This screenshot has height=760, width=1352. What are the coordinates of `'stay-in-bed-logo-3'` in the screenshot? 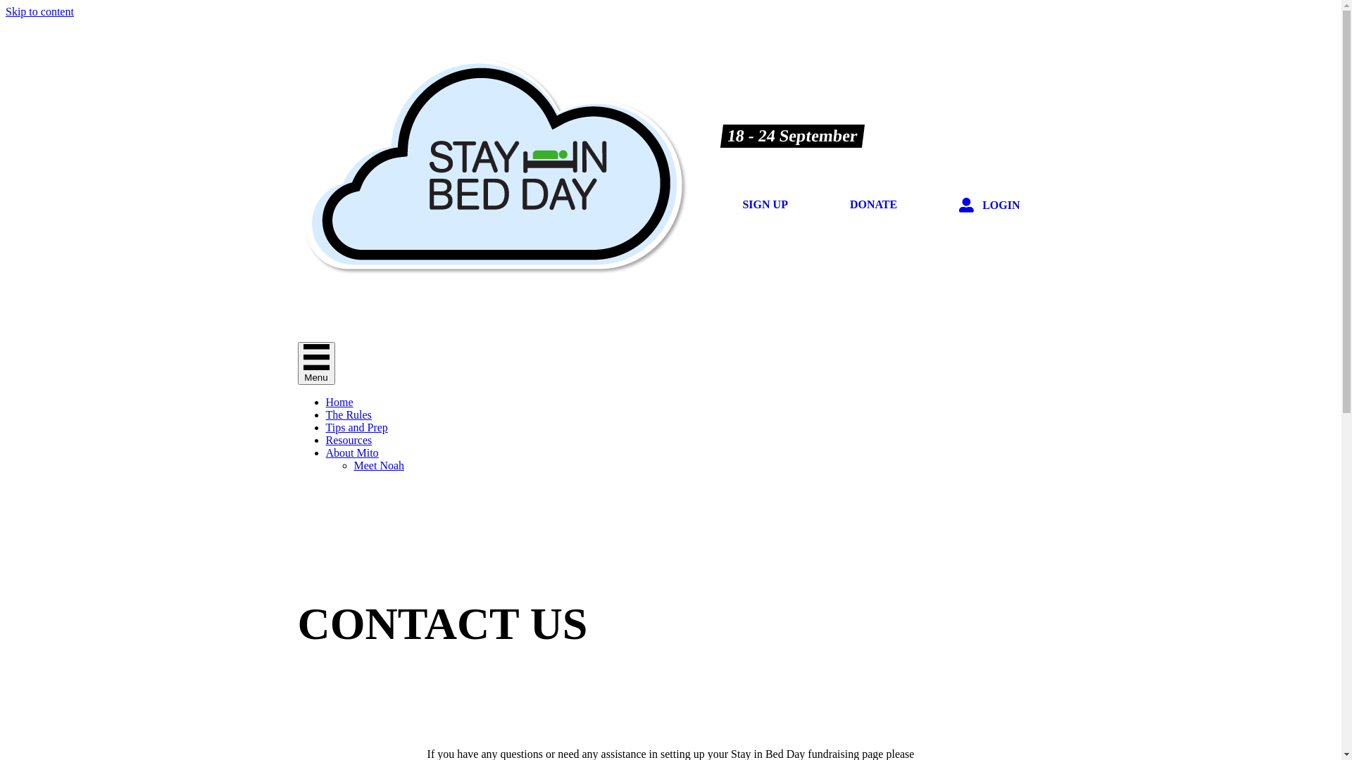 It's located at (493, 165).